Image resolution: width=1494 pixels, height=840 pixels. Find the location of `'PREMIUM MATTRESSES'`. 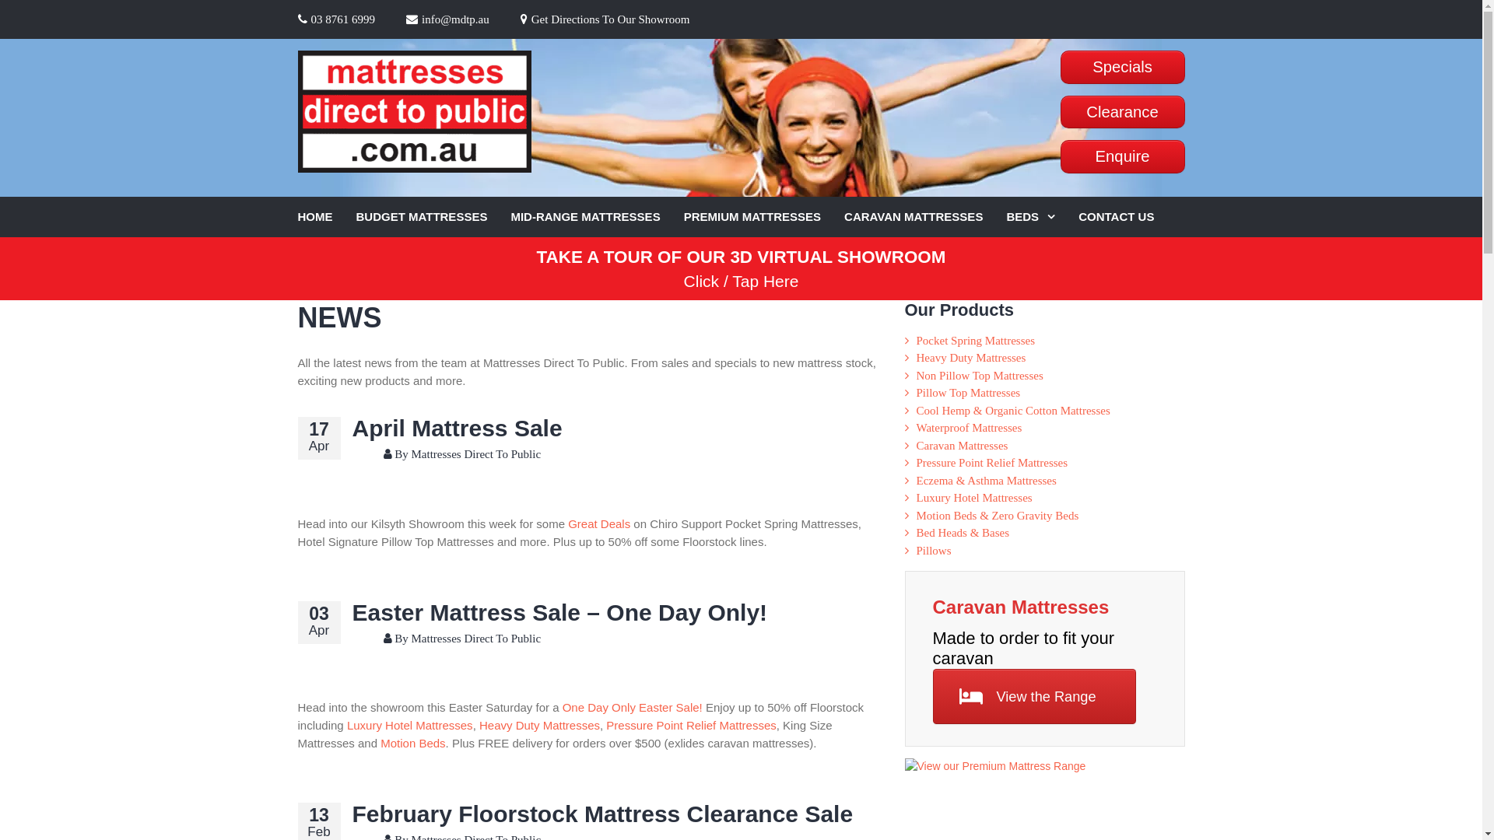

'PREMIUM MATTRESSES' is located at coordinates (764, 217).